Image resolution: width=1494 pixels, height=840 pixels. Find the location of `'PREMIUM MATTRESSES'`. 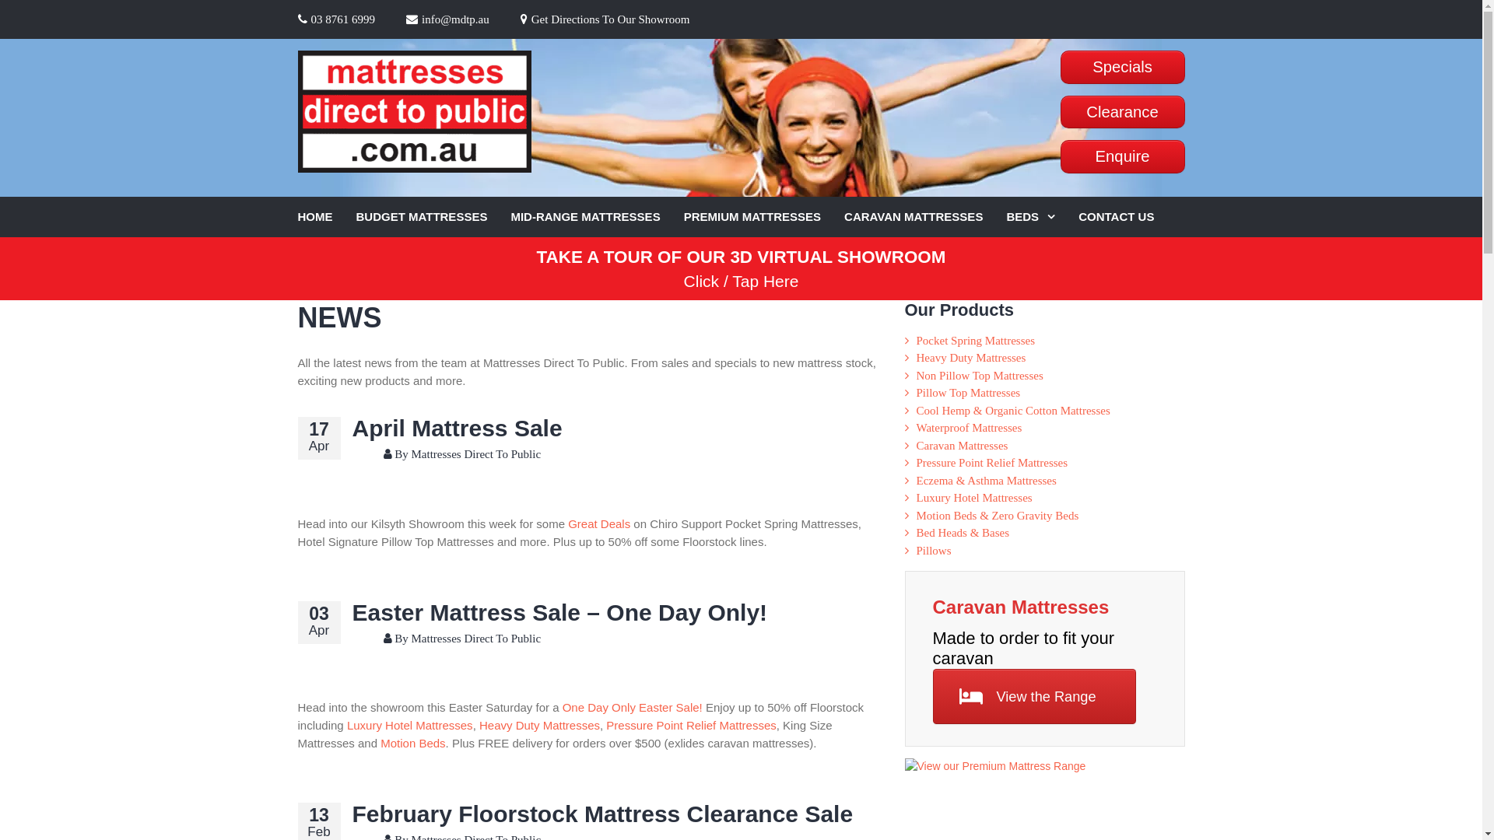

'PREMIUM MATTRESSES' is located at coordinates (764, 217).